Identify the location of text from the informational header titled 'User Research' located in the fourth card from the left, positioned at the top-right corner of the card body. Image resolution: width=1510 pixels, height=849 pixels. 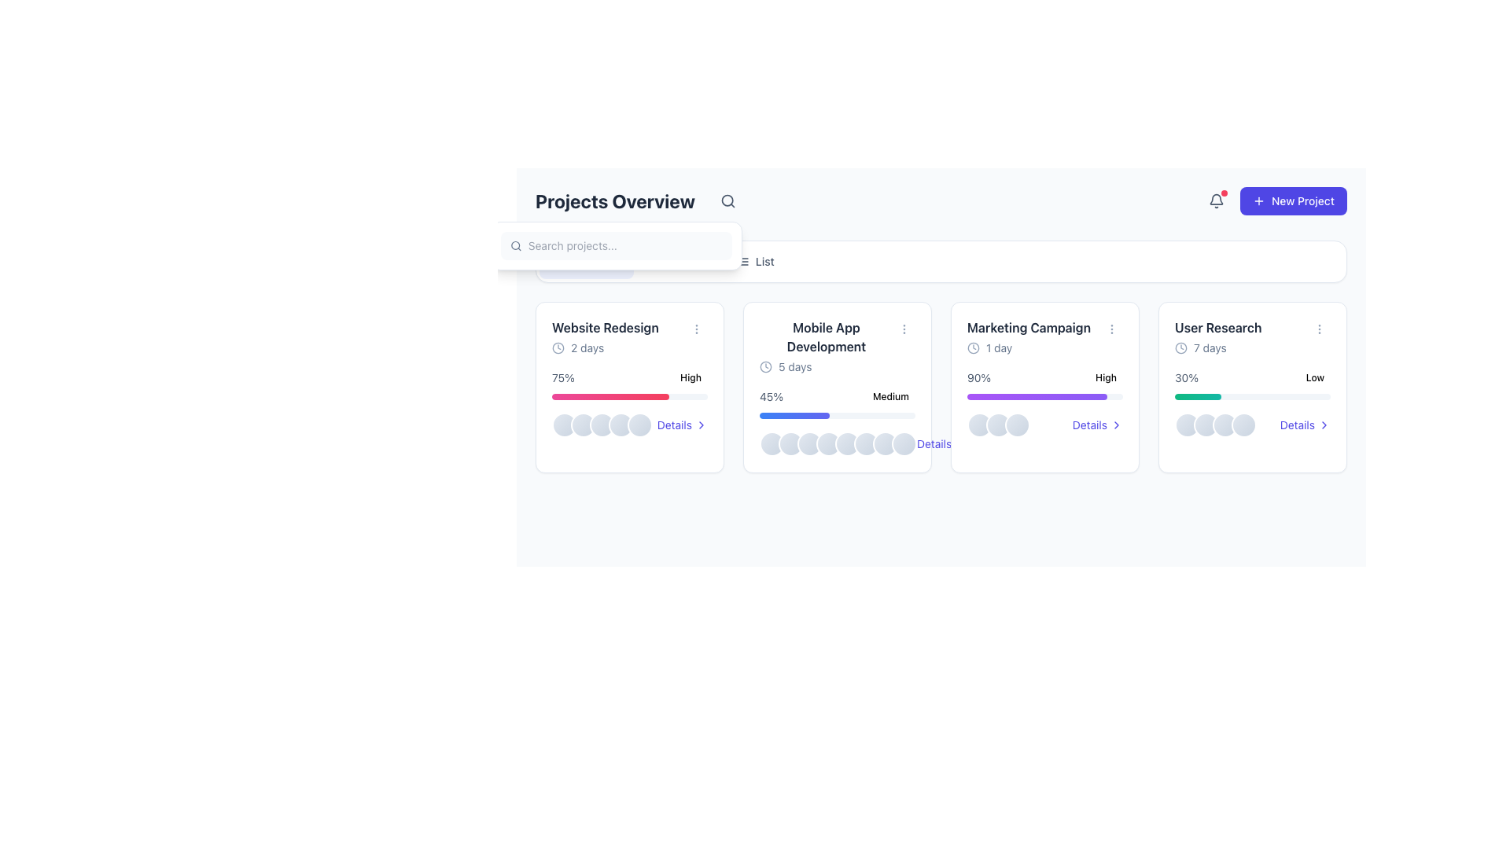
(1252, 336).